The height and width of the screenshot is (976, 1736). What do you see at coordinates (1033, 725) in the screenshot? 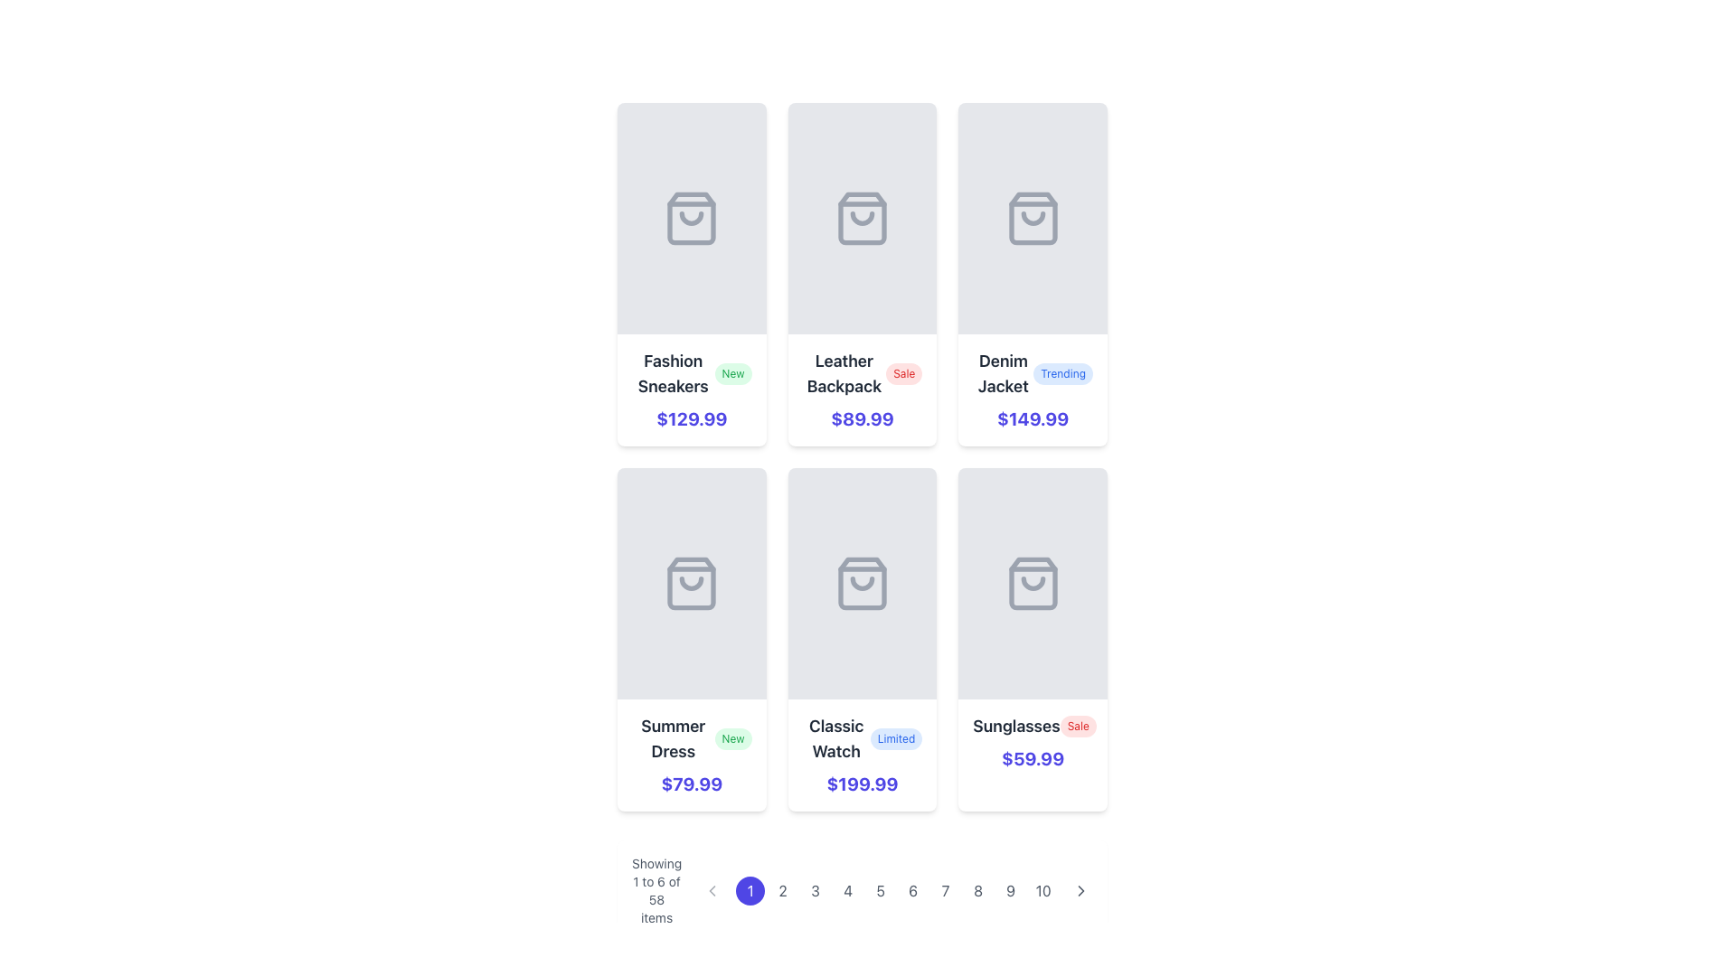
I see `the Composite text element displaying the product title 'Sunglasses' with a red badge located in the bottom-right card of the grid layout, positioned above the price label '$59.99'` at bounding box center [1033, 725].